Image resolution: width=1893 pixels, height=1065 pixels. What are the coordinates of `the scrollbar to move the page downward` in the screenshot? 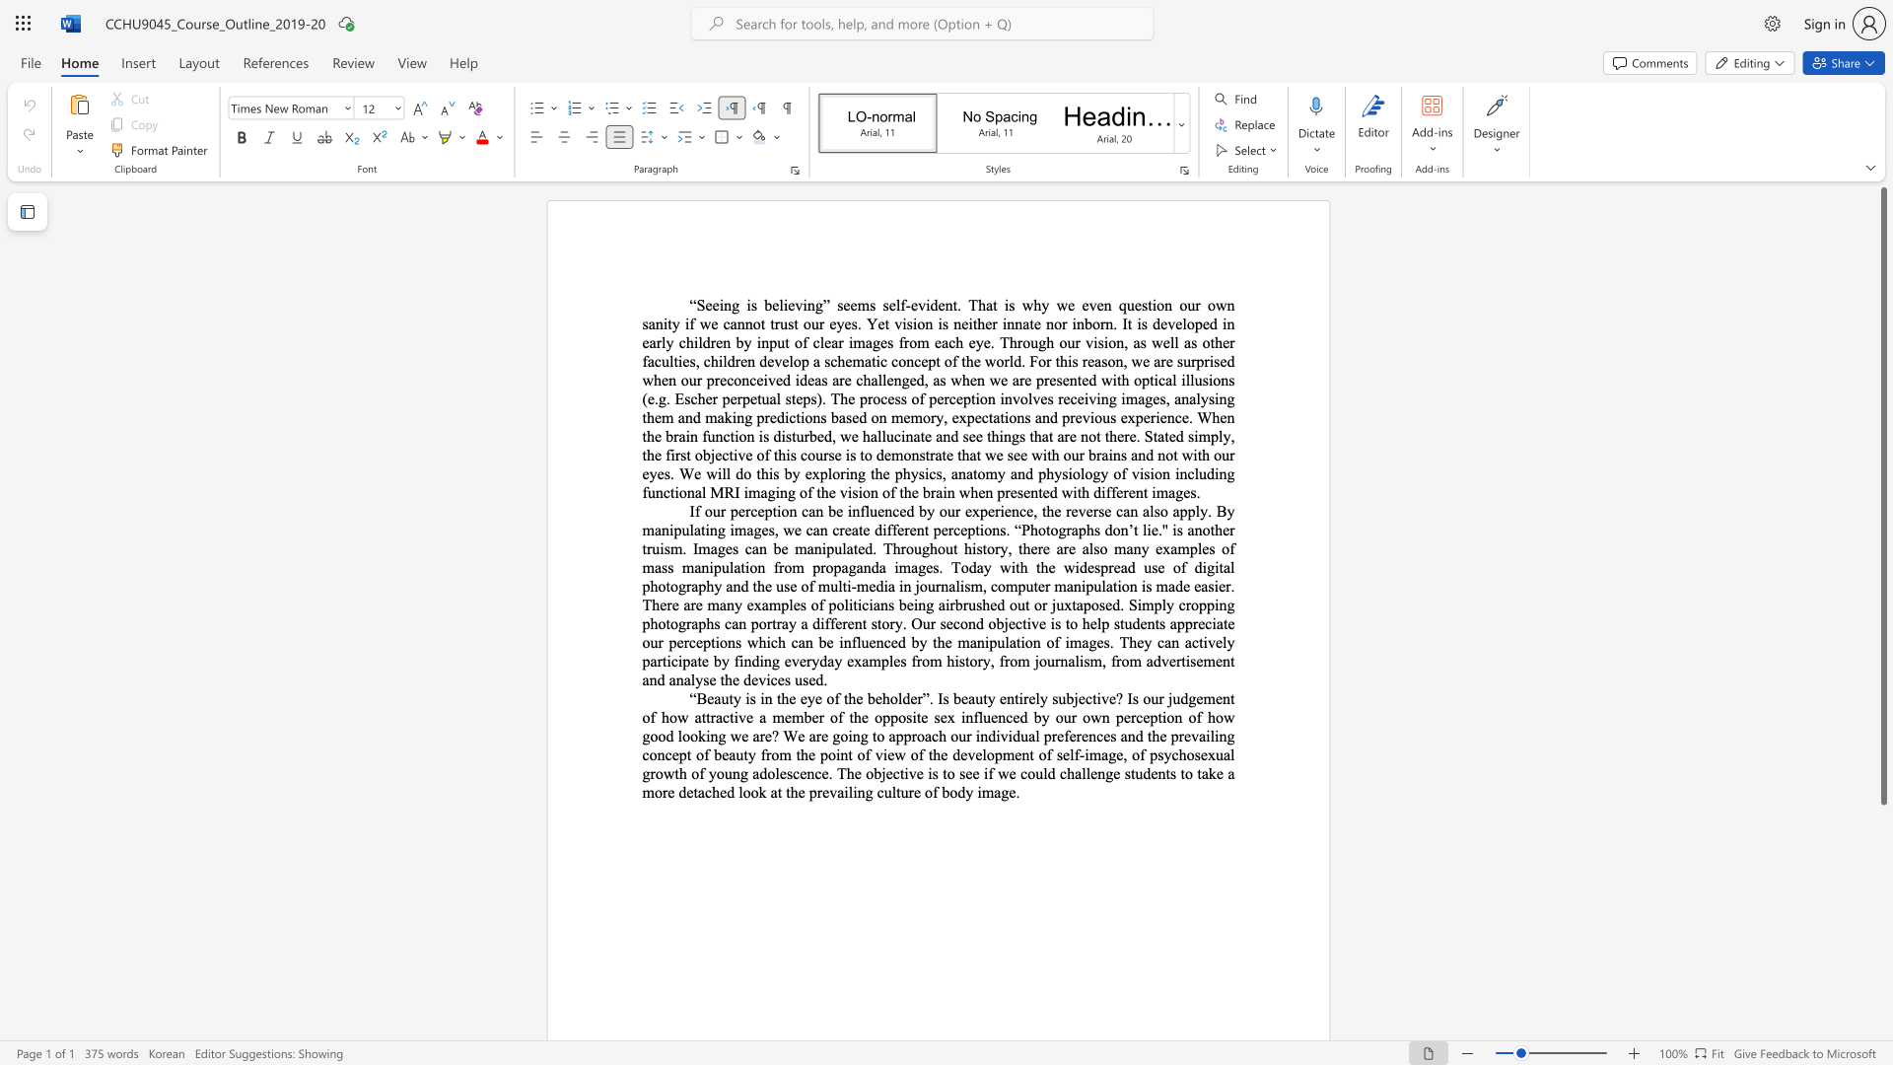 It's located at (1882, 886).